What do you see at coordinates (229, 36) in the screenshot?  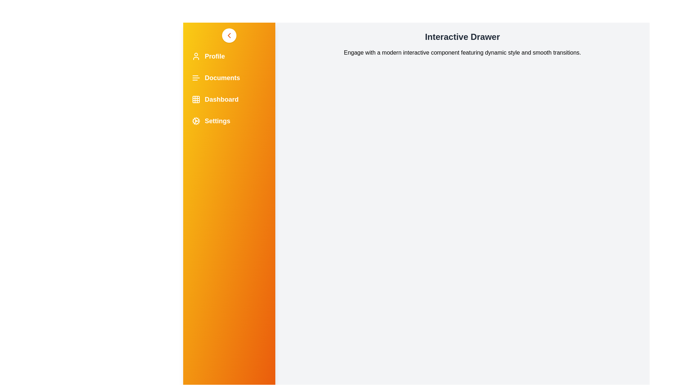 I see `toggle button to change the drawer's state` at bounding box center [229, 36].